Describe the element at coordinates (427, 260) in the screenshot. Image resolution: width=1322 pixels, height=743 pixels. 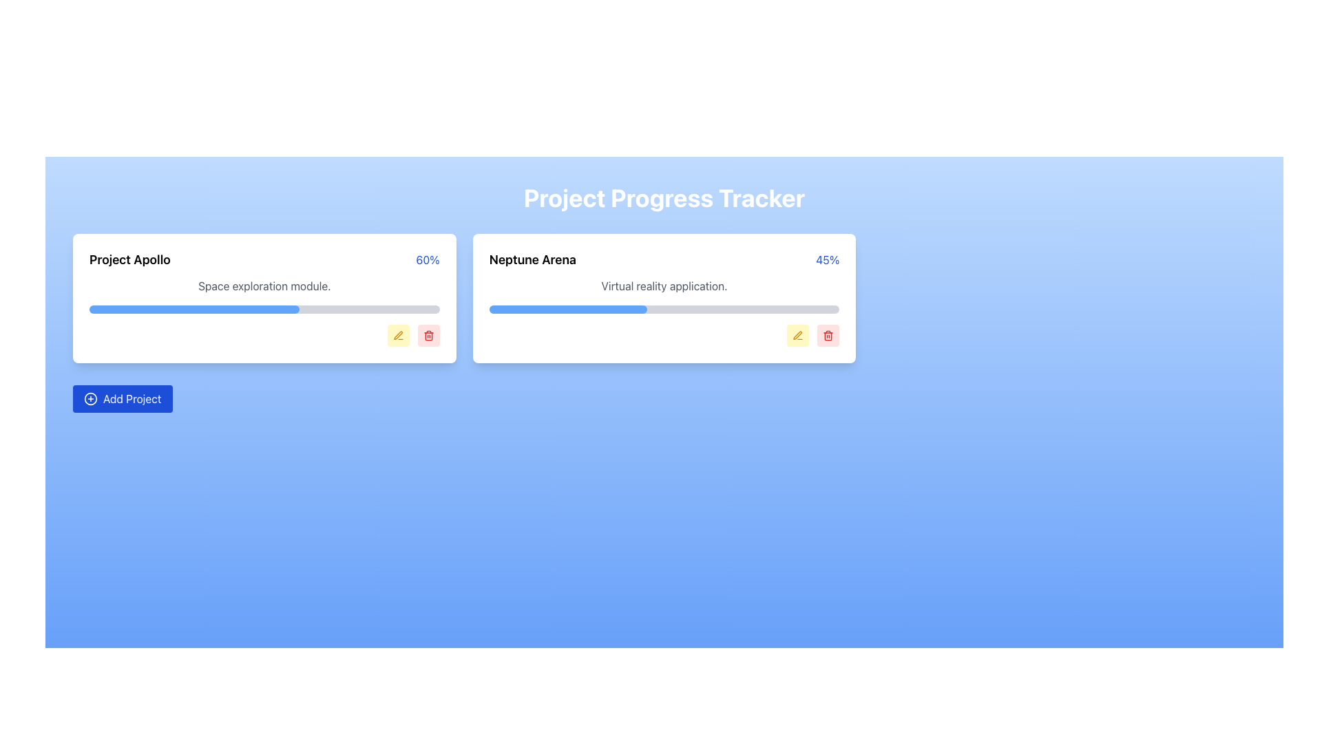
I see `the blue text label displaying '60%' located in the top-right corner of the 'Project Apollo' card` at that location.